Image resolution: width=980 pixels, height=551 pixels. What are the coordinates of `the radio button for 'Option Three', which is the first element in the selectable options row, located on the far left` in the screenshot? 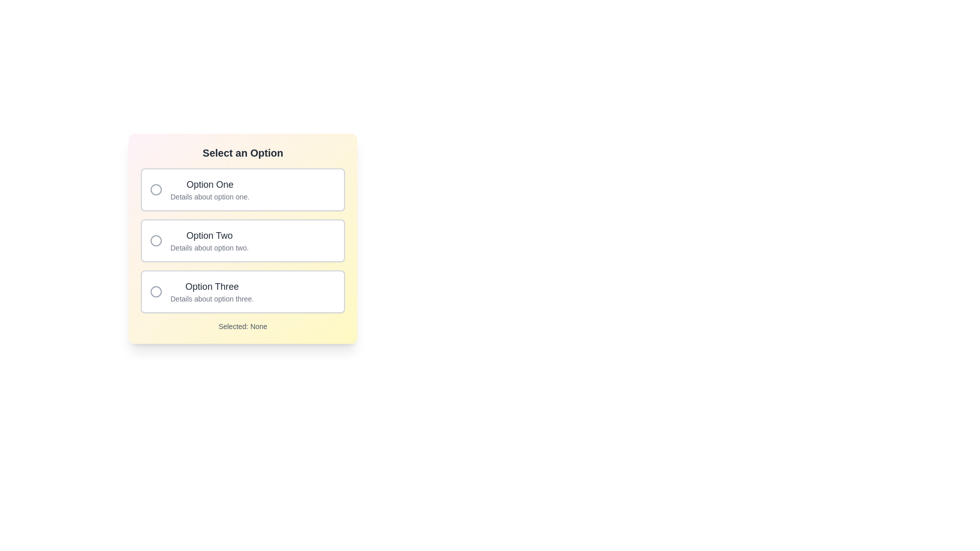 It's located at (156, 291).